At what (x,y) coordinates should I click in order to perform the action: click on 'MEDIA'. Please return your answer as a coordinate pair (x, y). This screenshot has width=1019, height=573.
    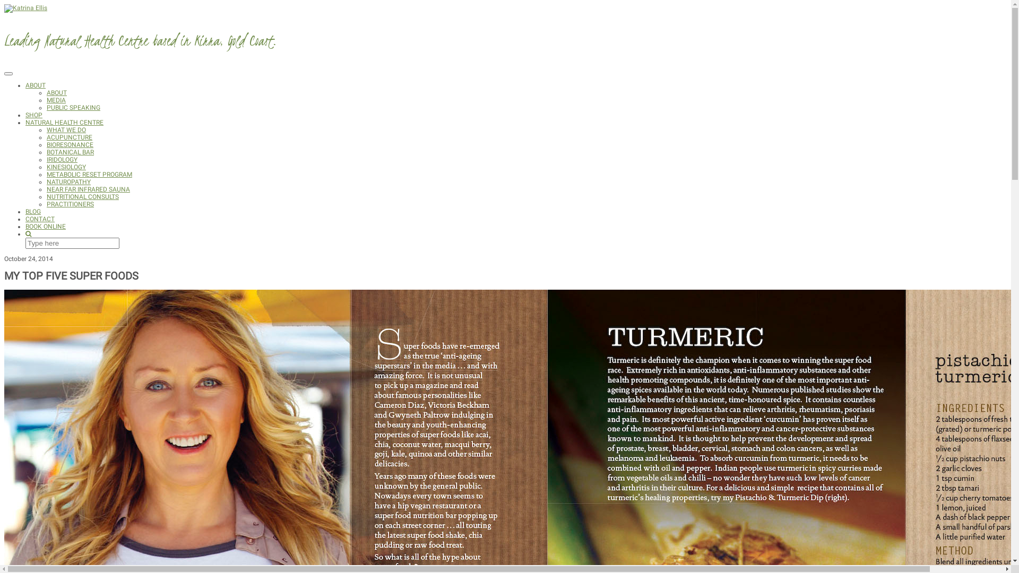
    Looking at the image, I should click on (46, 100).